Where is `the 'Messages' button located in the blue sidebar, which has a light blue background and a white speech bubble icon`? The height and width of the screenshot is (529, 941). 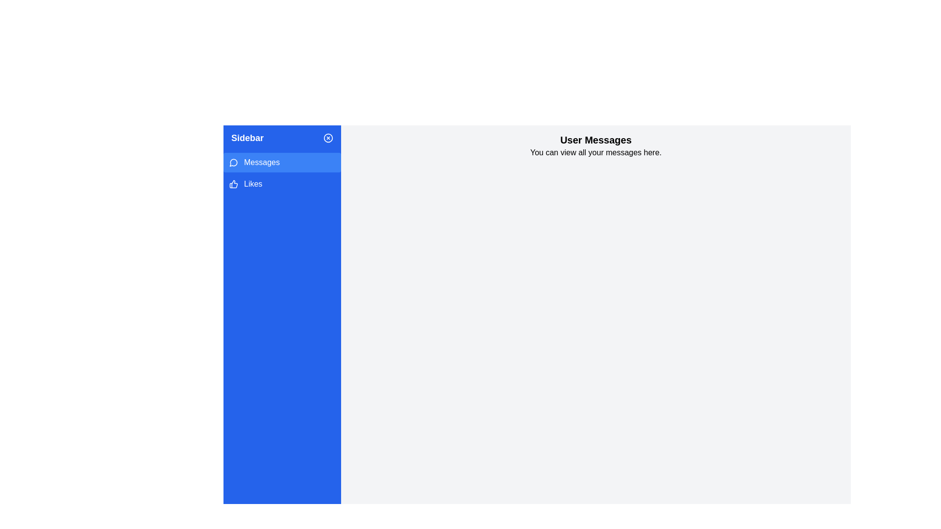 the 'Messages' button located in the blue sidebar, which has a light blue background and a white speech bubble icon is located at coordinates (282, 173).